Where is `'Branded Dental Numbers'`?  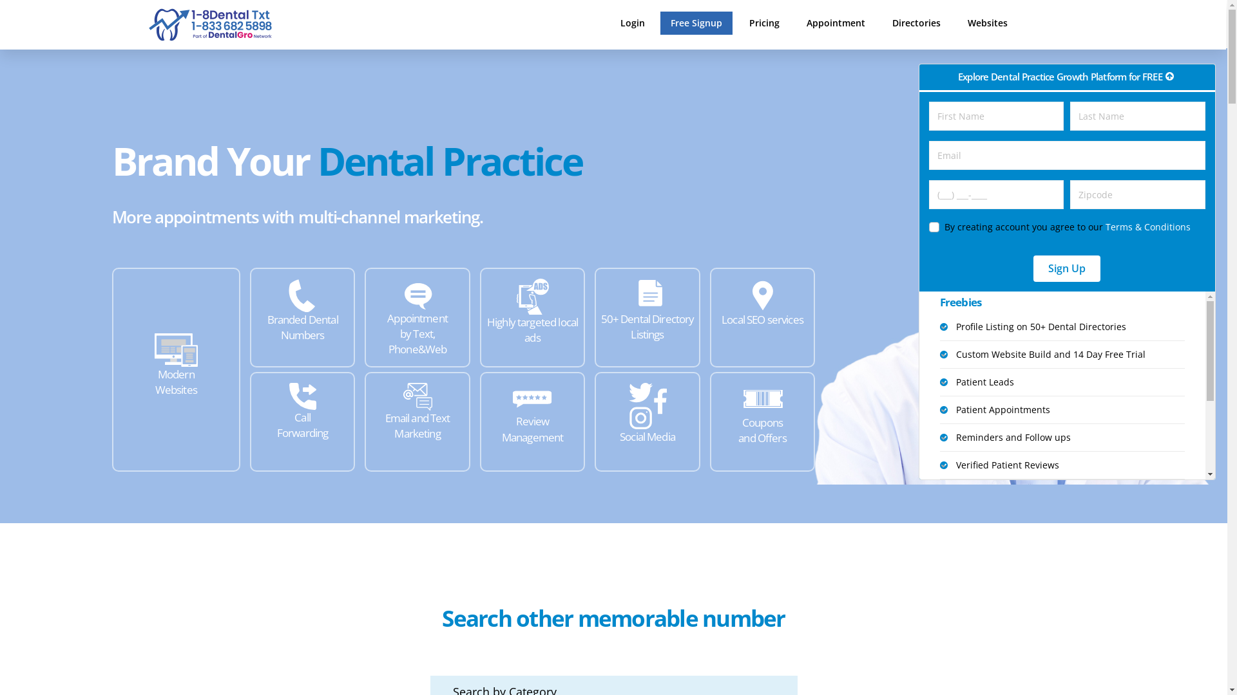
'Branded Dental Numbers' is located at coordinates (302, 317).